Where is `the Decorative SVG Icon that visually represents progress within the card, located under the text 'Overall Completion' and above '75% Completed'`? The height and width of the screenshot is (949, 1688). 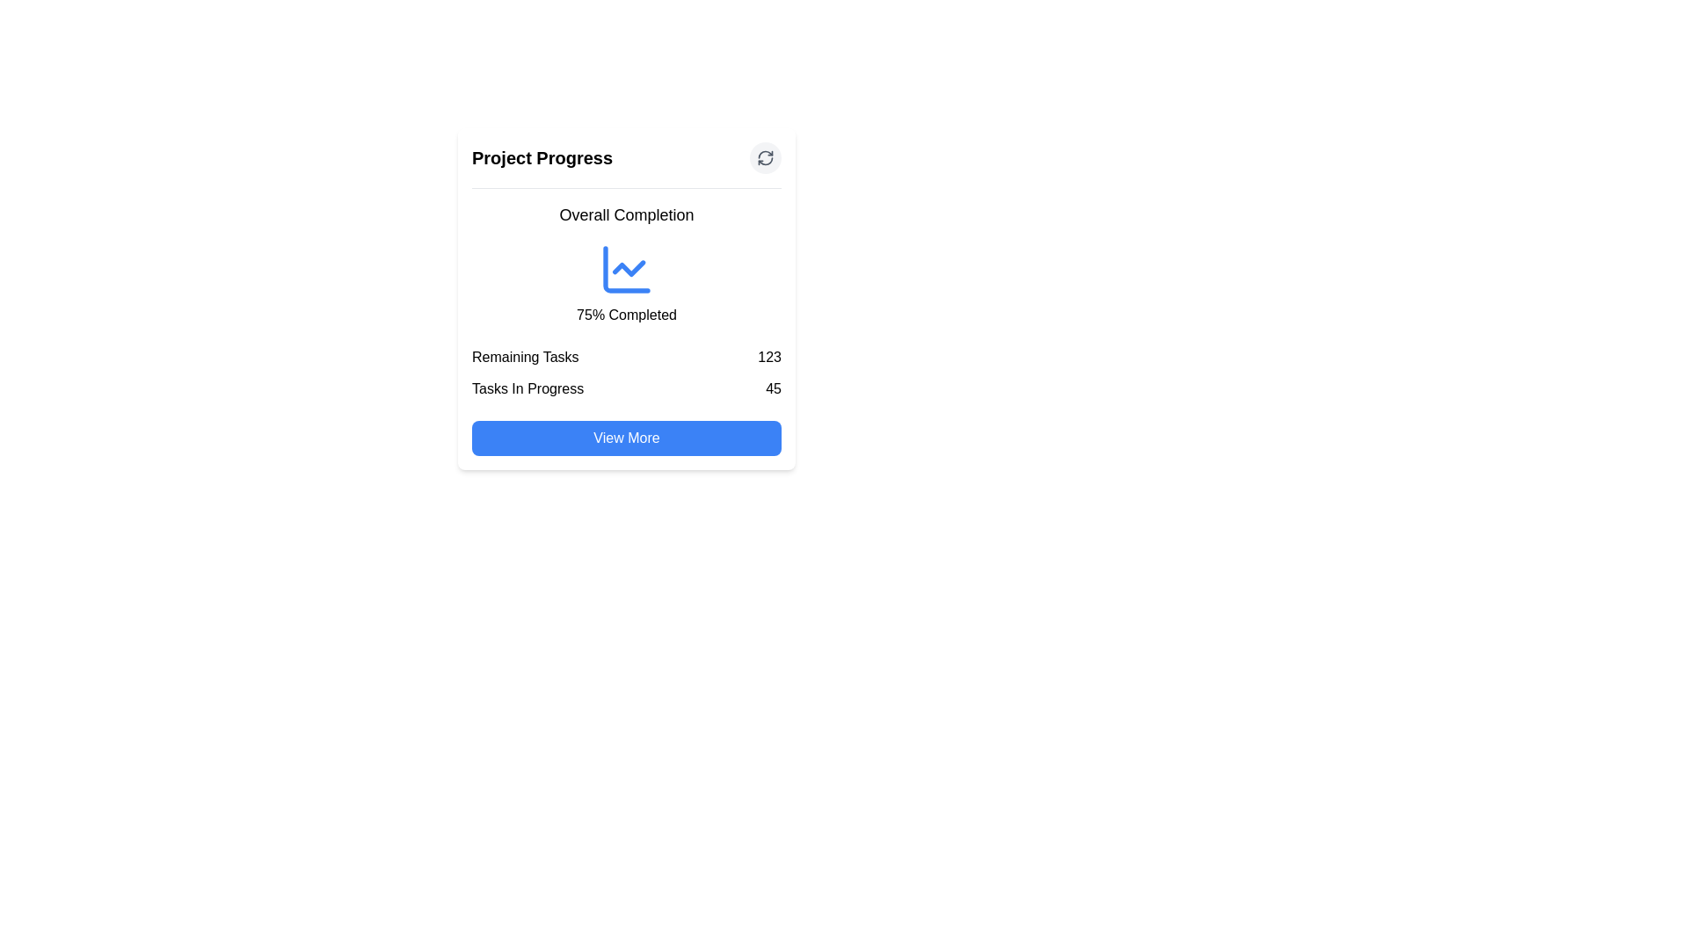 the Decorative SVG Icon that visually represents progress within the card, located under the text 'Overall Completion' and above '75% Completed' is located at coordinates (627, 270).